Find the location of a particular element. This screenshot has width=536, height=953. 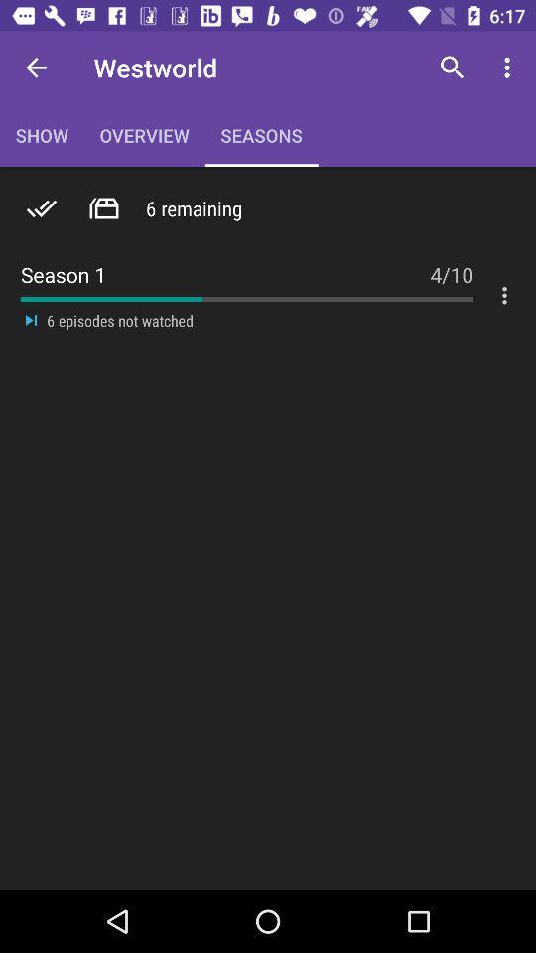

the item below show is located at coordinates (103, 208).